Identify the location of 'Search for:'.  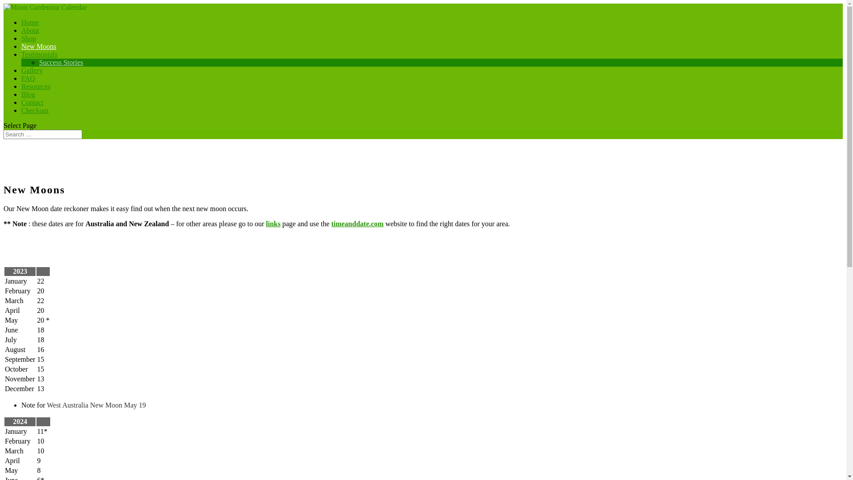
(42, 134).